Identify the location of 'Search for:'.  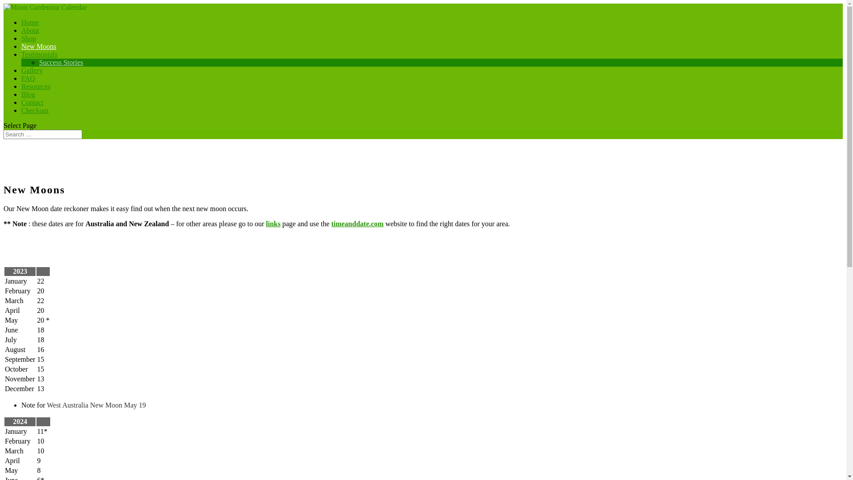
(42, 134).